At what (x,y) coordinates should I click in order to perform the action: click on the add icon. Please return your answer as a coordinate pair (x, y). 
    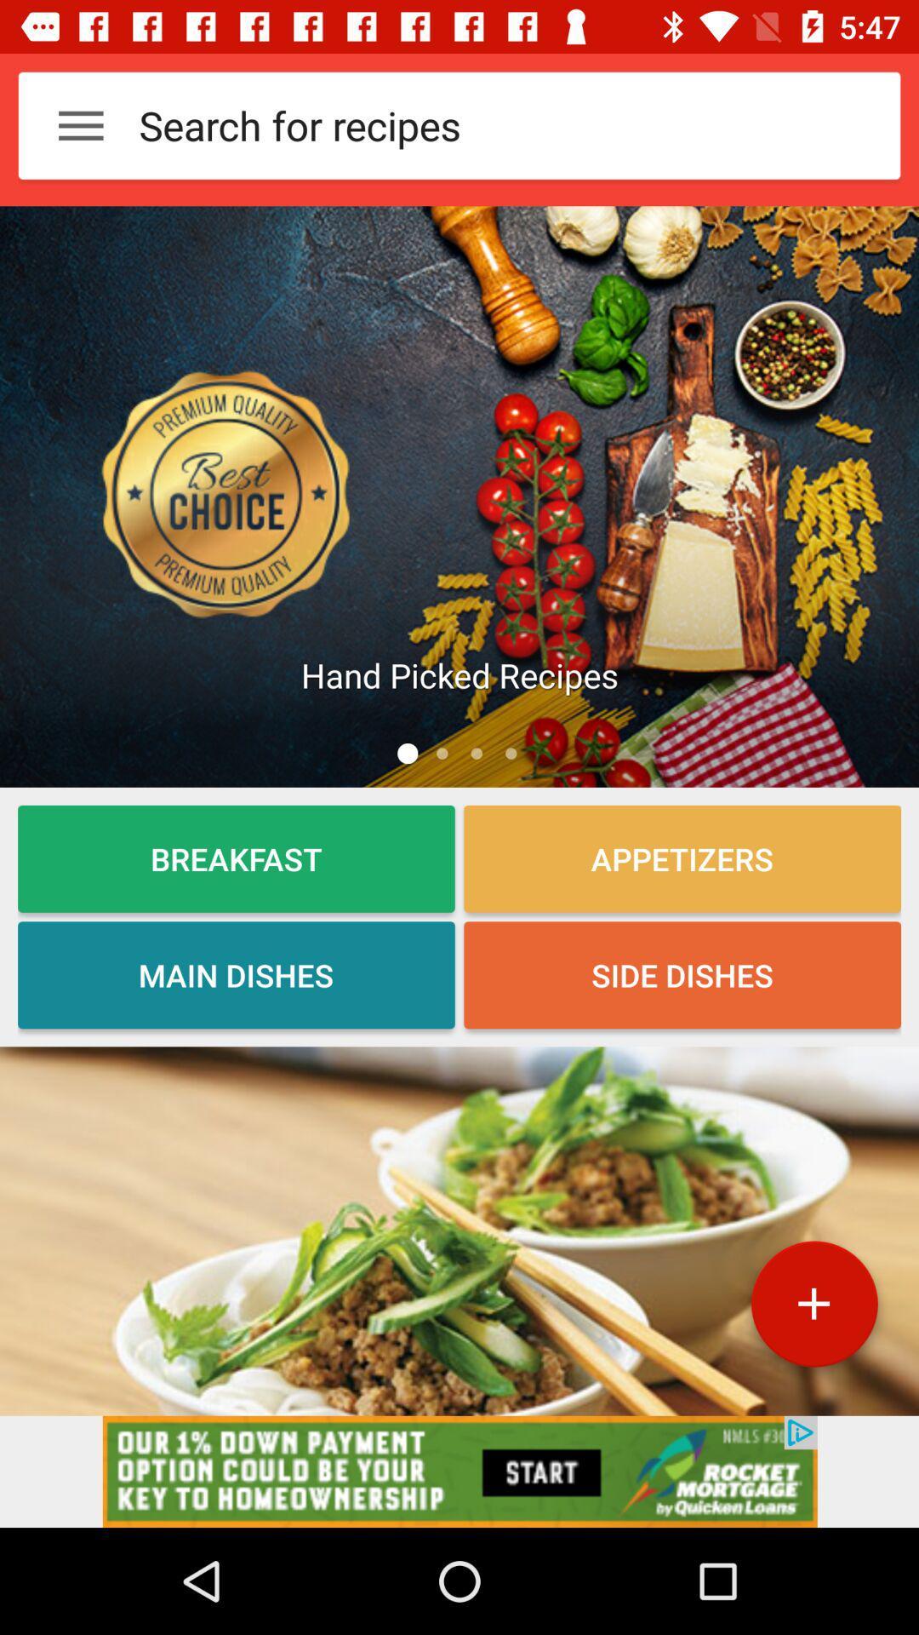
    Looking at the image, I should click on (813, 1310).